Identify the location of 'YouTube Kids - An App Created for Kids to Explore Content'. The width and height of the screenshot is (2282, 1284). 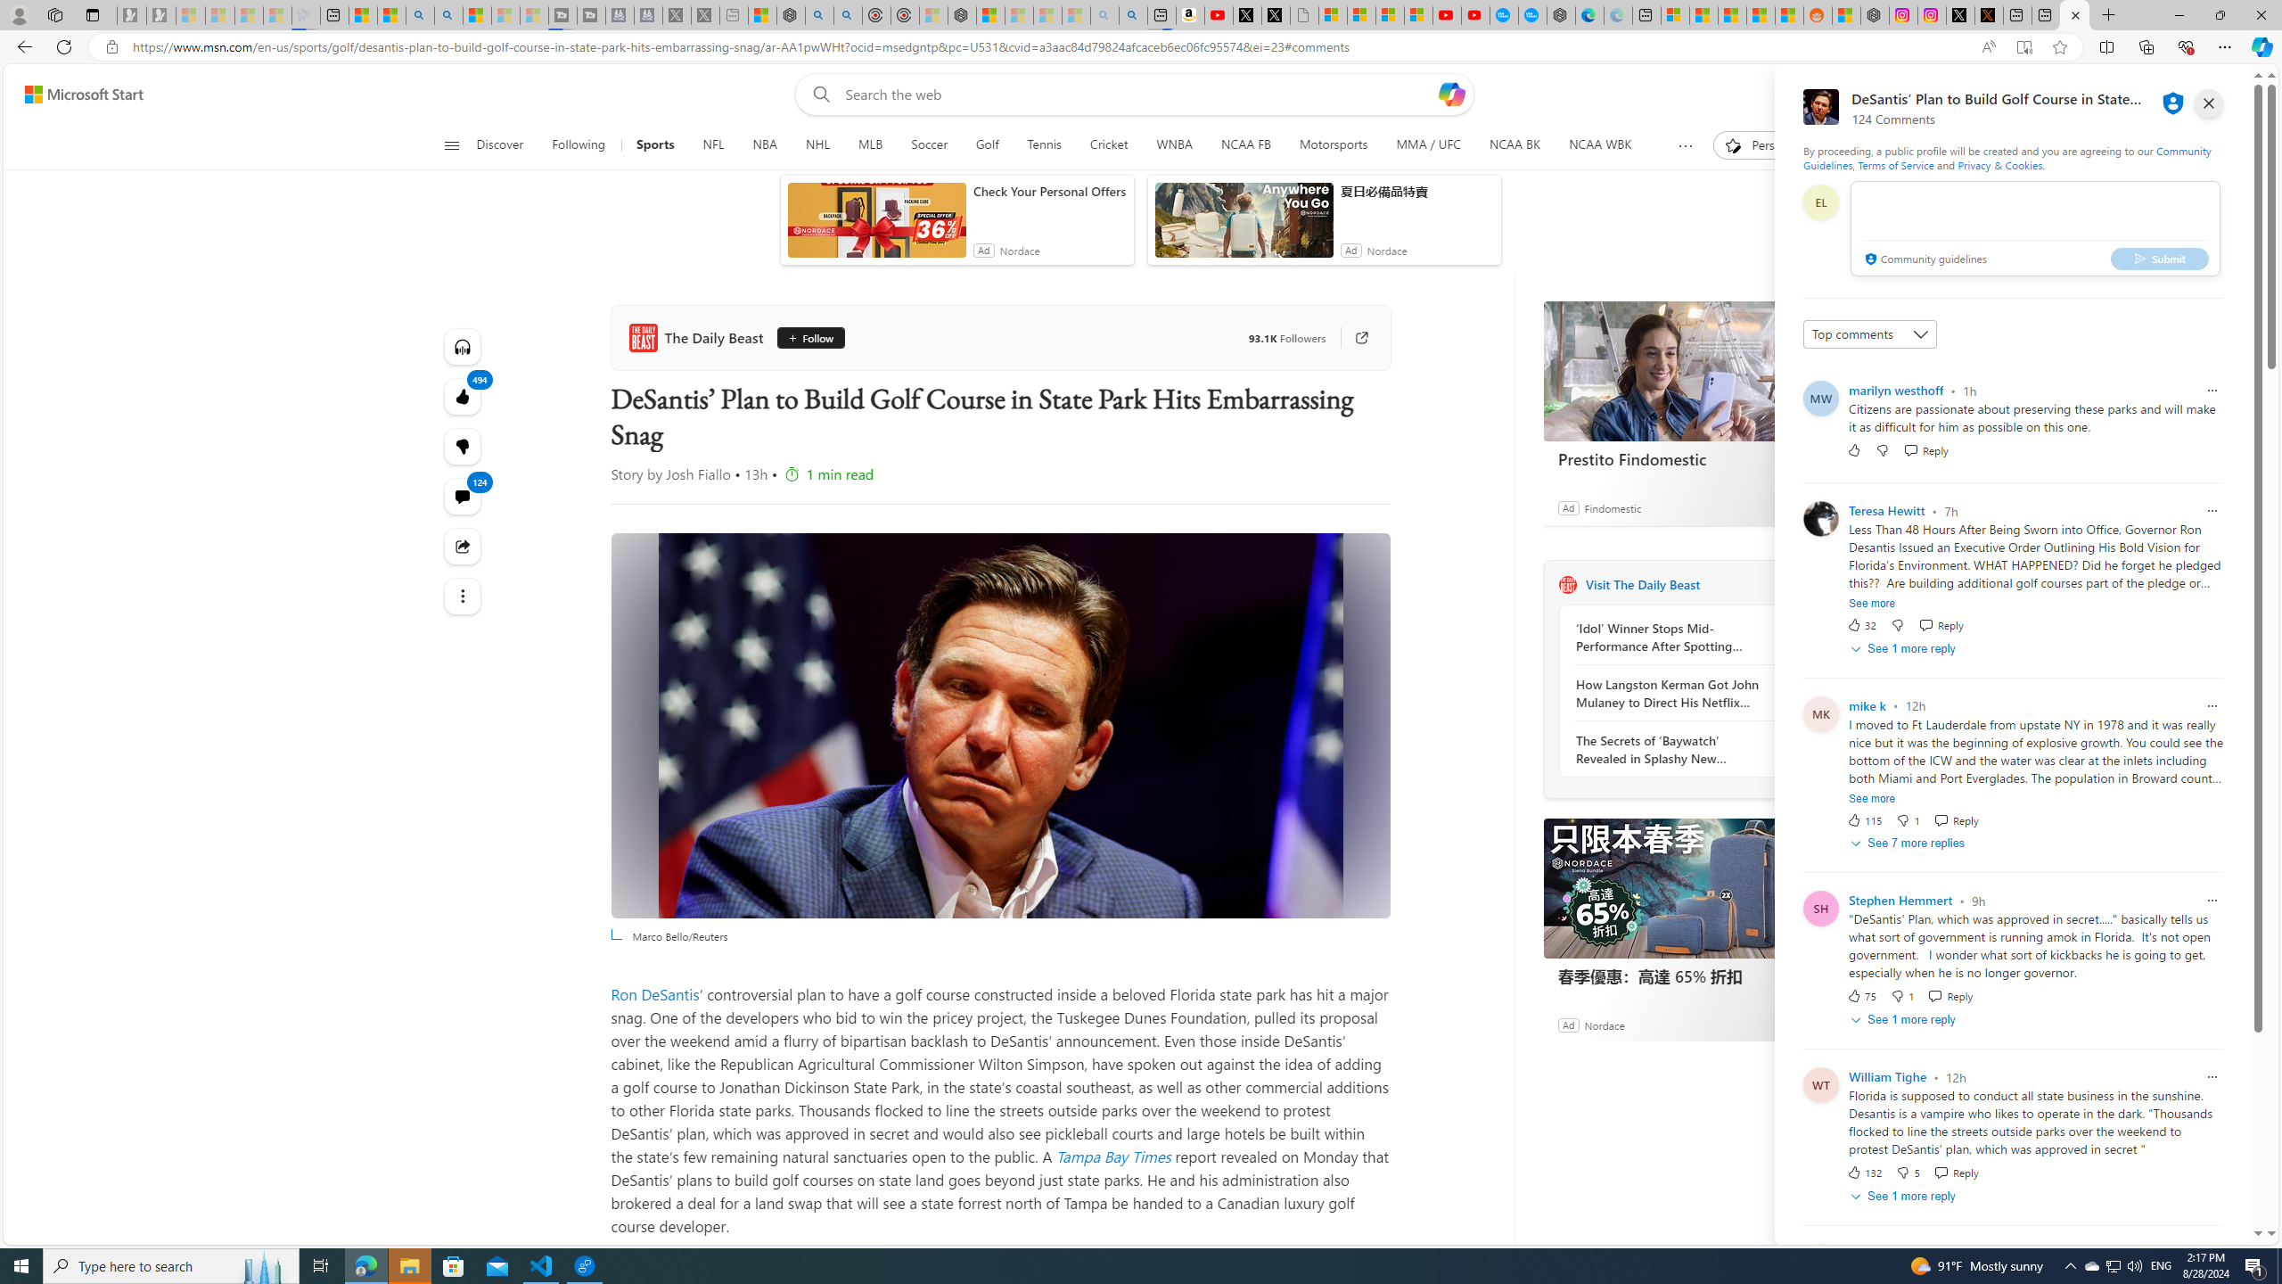
(1475, 14).